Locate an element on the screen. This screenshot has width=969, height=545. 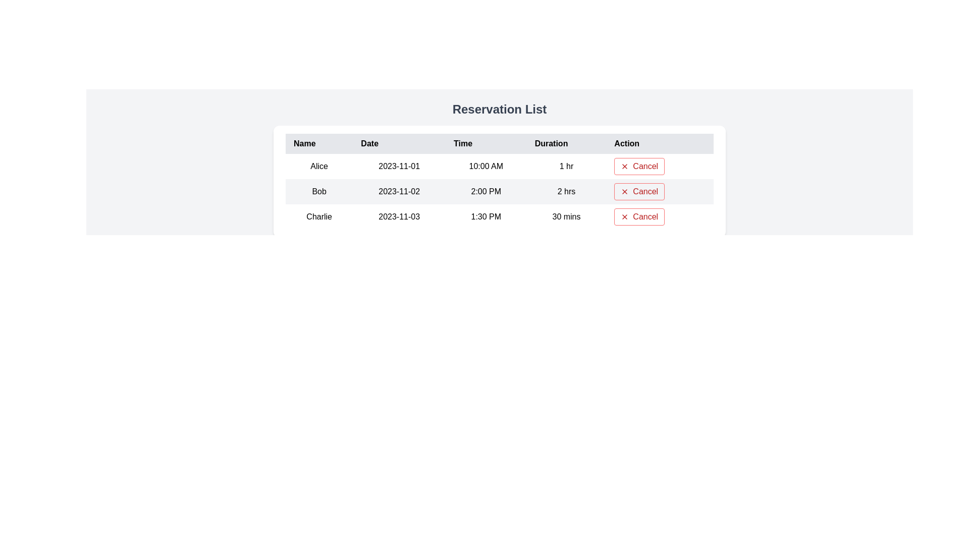
on the small red 'X' icon inside the second row's 'Cancel' button in the 'Action' column of the table, which is located next is located at coordinates (624, 192).